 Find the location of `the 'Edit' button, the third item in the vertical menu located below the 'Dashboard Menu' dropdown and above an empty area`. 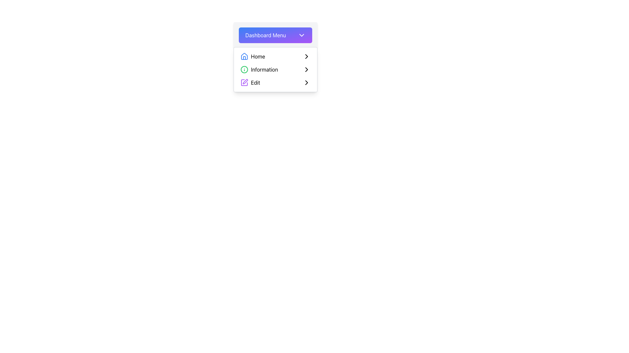

the 'Edit' button, the third item in the vertical menu located below the 'Dashboard Menu' dropdown and above an empty area is located at coordinates (250, 82).